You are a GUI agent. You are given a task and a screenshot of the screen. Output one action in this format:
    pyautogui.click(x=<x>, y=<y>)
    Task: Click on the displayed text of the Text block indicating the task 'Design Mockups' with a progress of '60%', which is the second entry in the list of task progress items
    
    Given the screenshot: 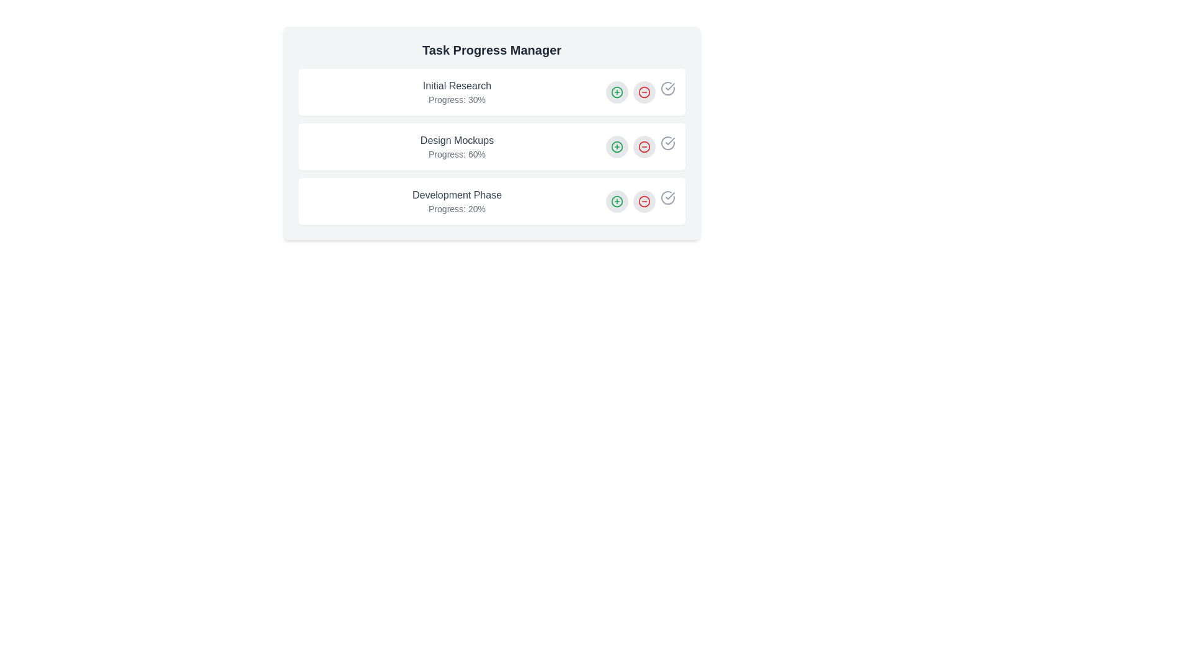 What is the action you would take?
    pyautogui.click(x=457, y=146)
    